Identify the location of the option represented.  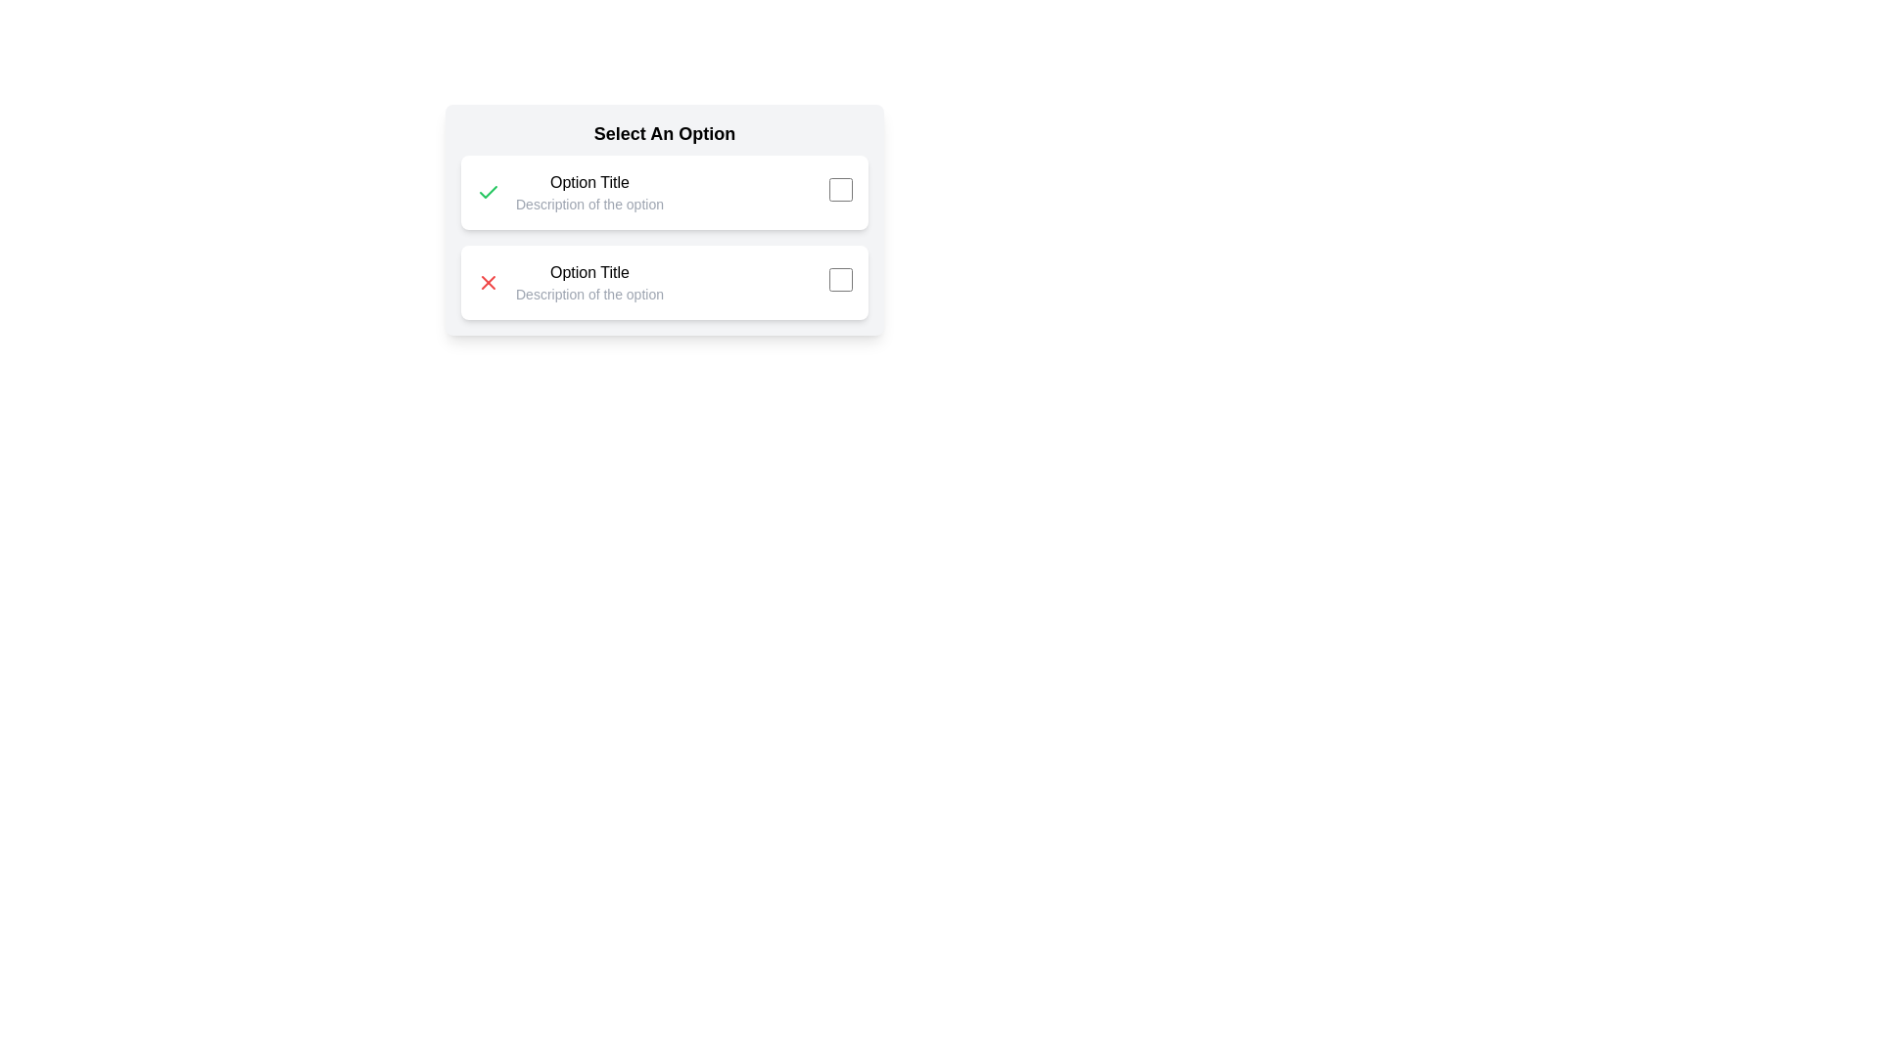
(588, 192).